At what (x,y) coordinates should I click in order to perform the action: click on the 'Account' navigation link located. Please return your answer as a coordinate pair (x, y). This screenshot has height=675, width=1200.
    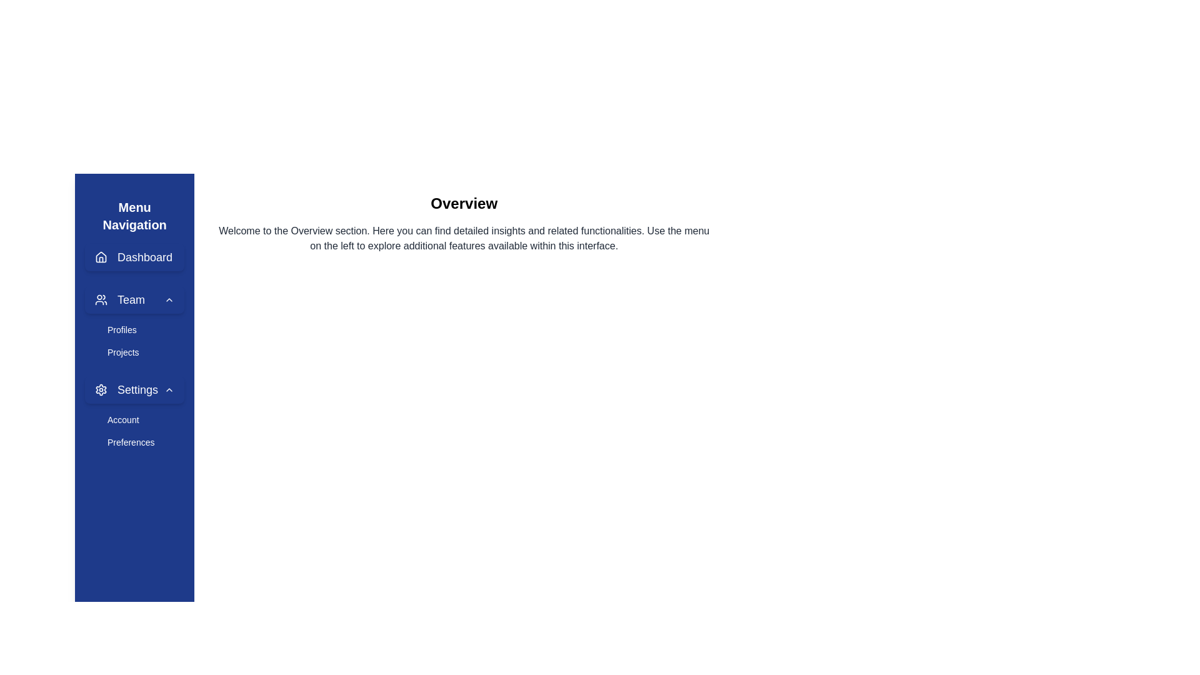
    Looking at the image, I should click on (142, 419).